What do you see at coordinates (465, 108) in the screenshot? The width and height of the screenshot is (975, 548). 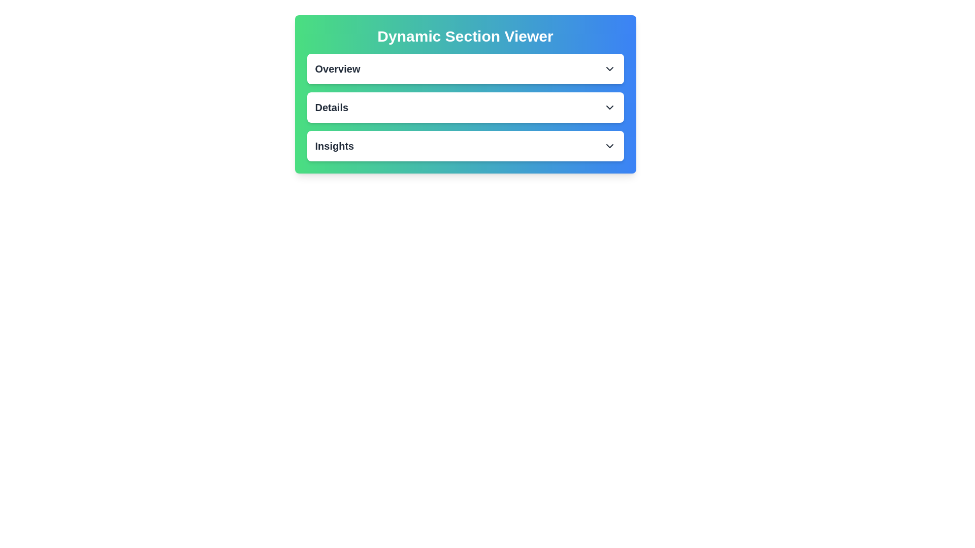 I see `the 'Details' dropdown header section` at bounding box center [465, 108].